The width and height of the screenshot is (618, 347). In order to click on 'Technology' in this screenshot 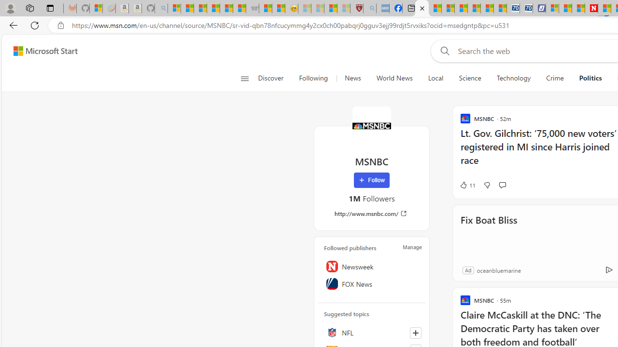, I will do `click(513, 78)`.